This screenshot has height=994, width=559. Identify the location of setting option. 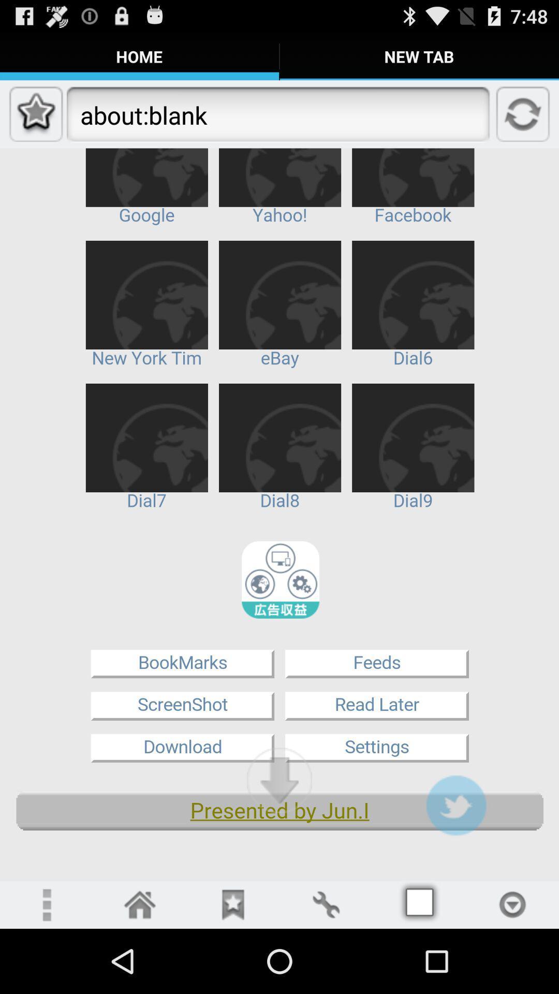
(46, 904).